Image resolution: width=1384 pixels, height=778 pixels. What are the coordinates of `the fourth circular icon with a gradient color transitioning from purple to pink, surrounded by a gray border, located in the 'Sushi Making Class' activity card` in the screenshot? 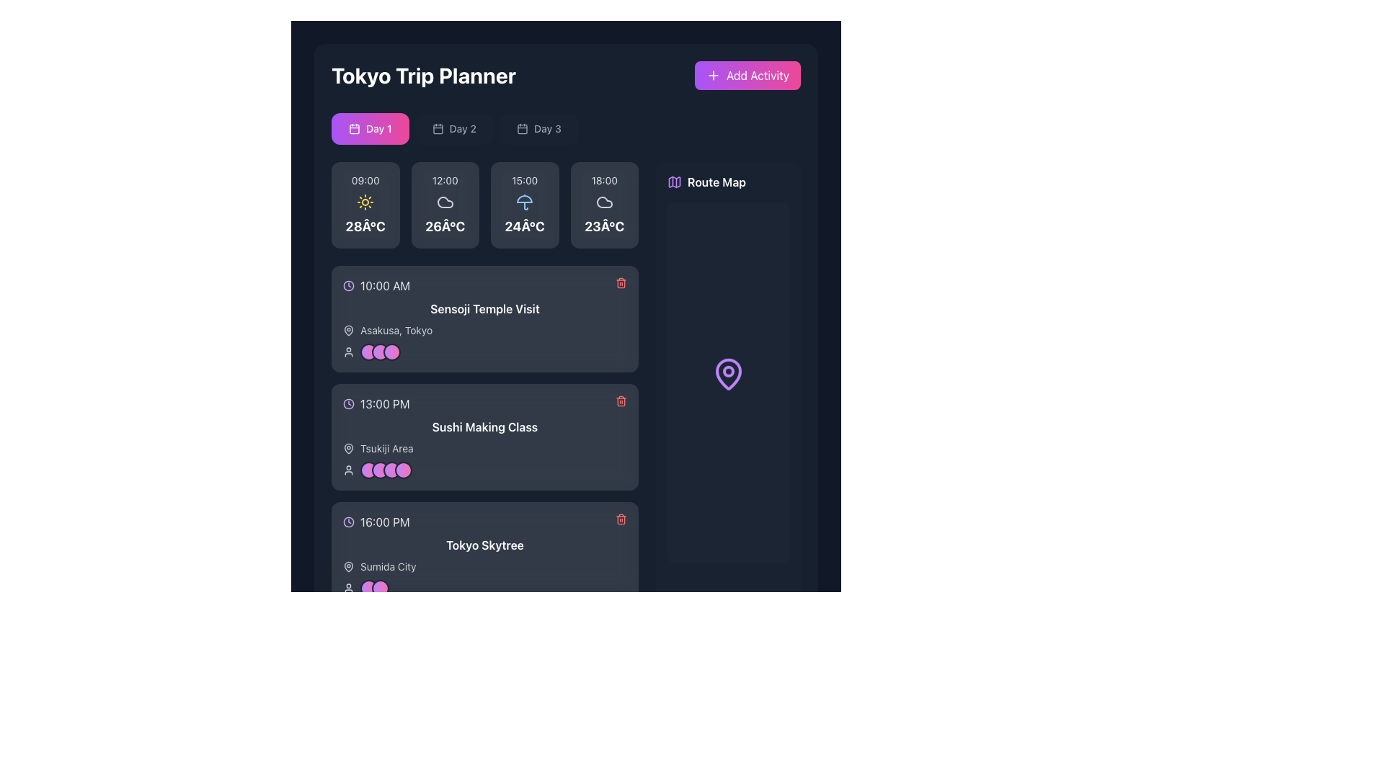 It's located at (404, 470).